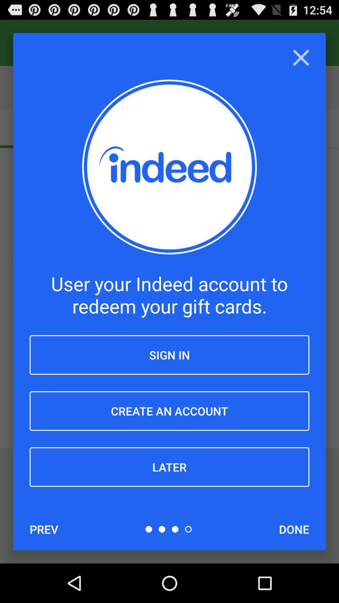  Describe the element at coordinates (294, 529) in the screenshot. I see `done icon` at that location.